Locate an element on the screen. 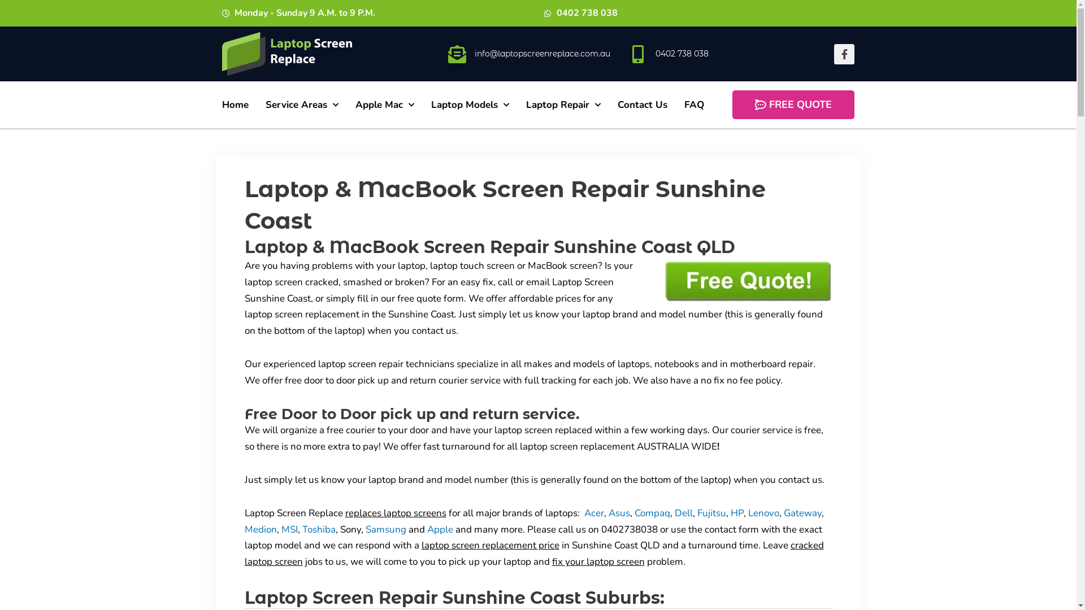  'MSI' is located at coordinates (281, 529).